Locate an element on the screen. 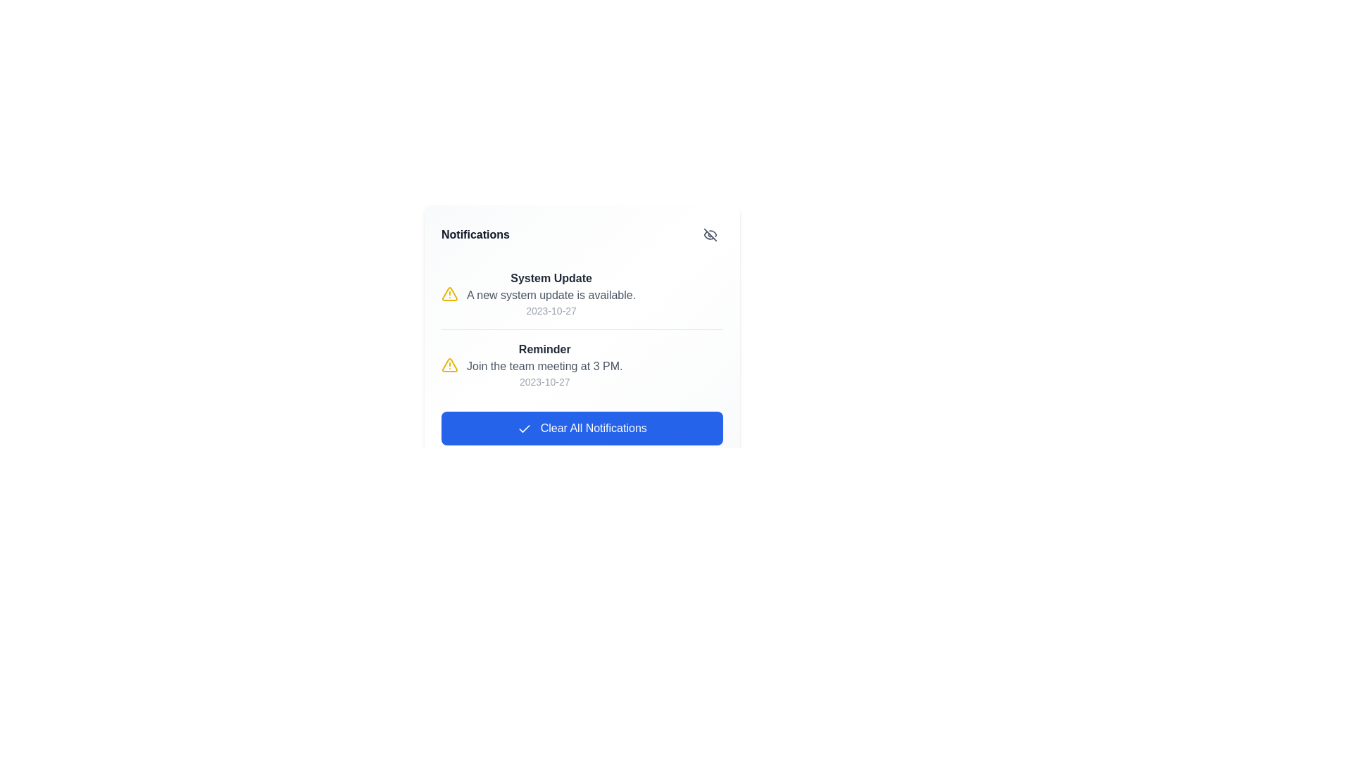 This screenshot has height=760, width=1352. the text label that displays the date for the associated notification, which is positioned below the message about the team meeting at 3 PM is located at coordinates (544, 382).